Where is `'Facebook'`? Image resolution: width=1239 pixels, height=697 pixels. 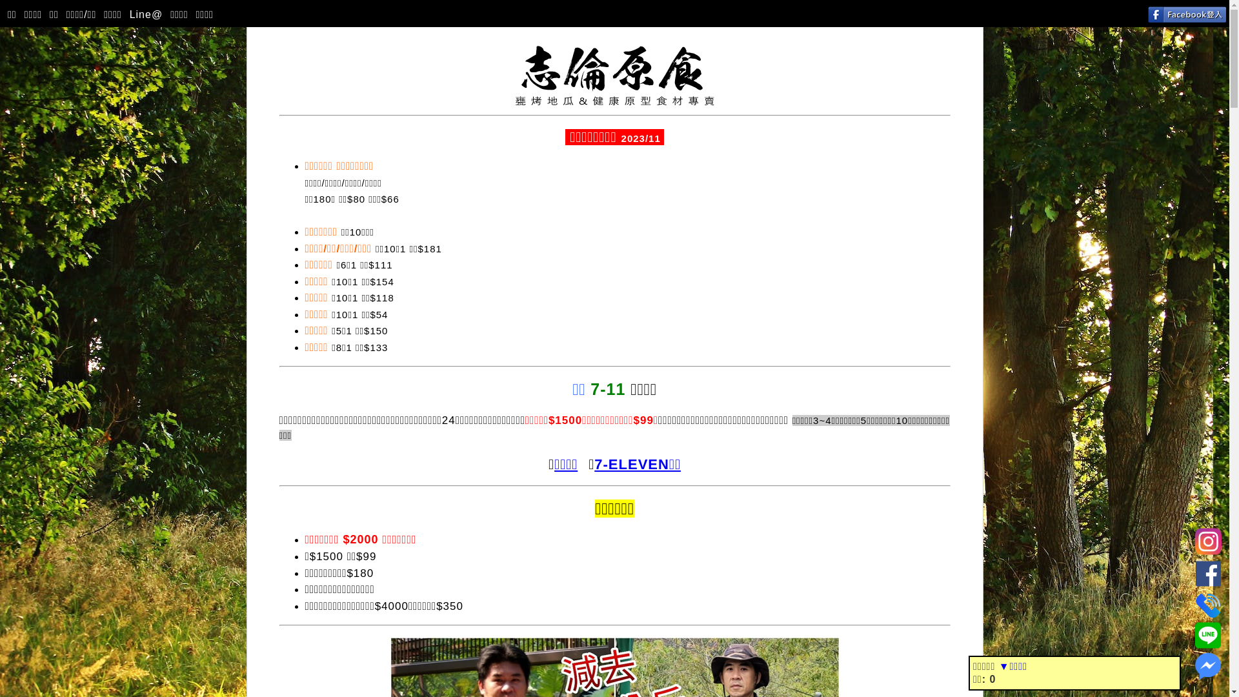
'Facebook' is located at coordinates (1207, 571).